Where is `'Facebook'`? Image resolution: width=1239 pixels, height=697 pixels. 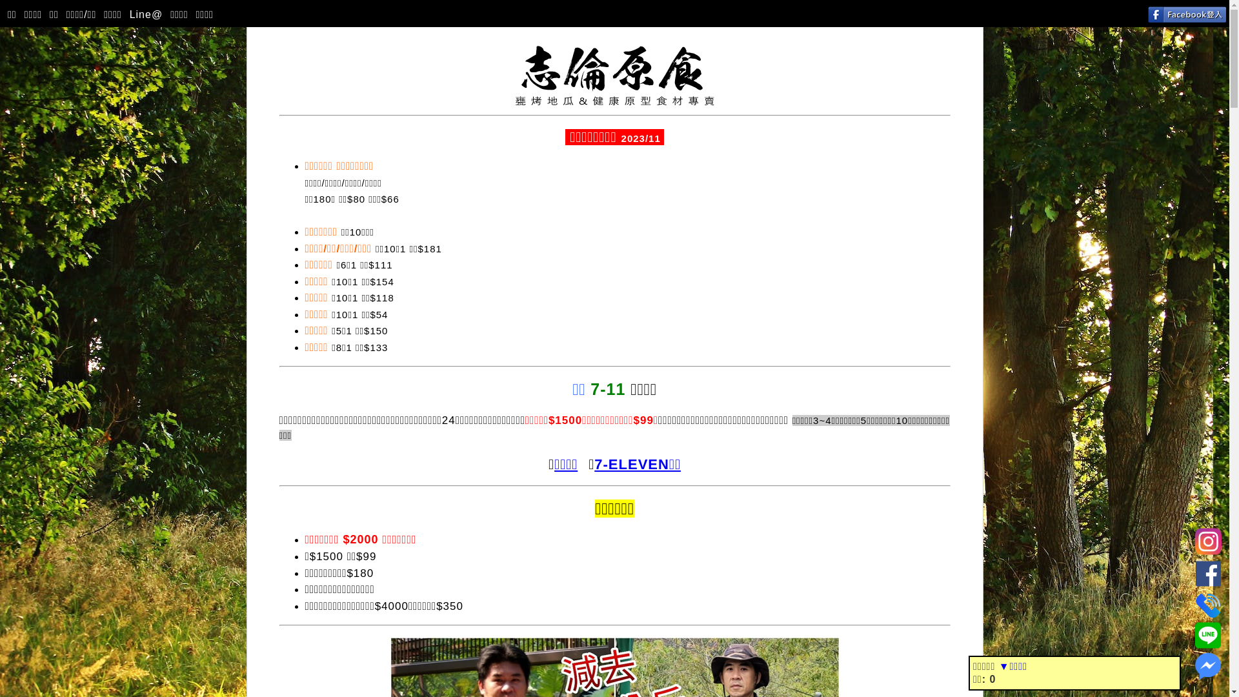
'Facebook' is located at coordinates (1207, 571).